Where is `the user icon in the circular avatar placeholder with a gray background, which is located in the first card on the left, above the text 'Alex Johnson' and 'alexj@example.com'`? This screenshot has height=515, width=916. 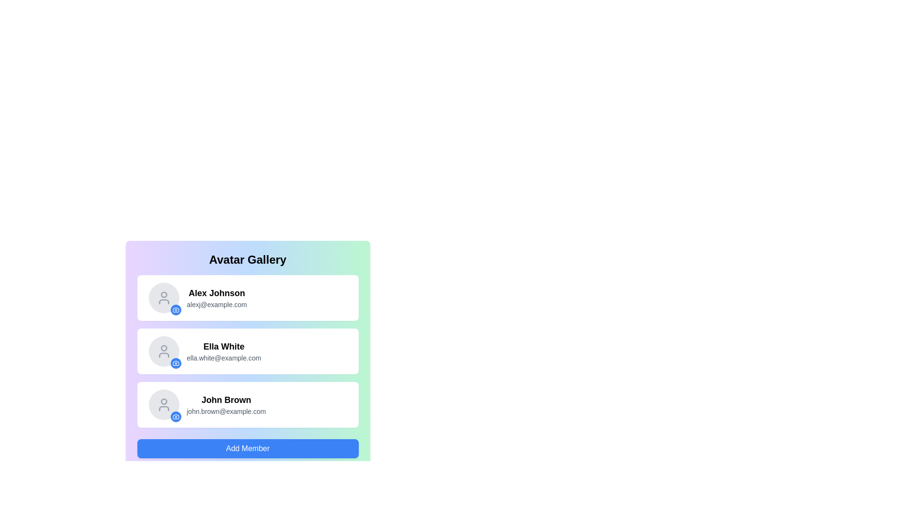
the user icon in the circular avatar placeholder with a gray background, which is located in the first card on the left, above the text 'Alex Johnson' and 'alexj@example.com' is located at coordinates (164, 297).